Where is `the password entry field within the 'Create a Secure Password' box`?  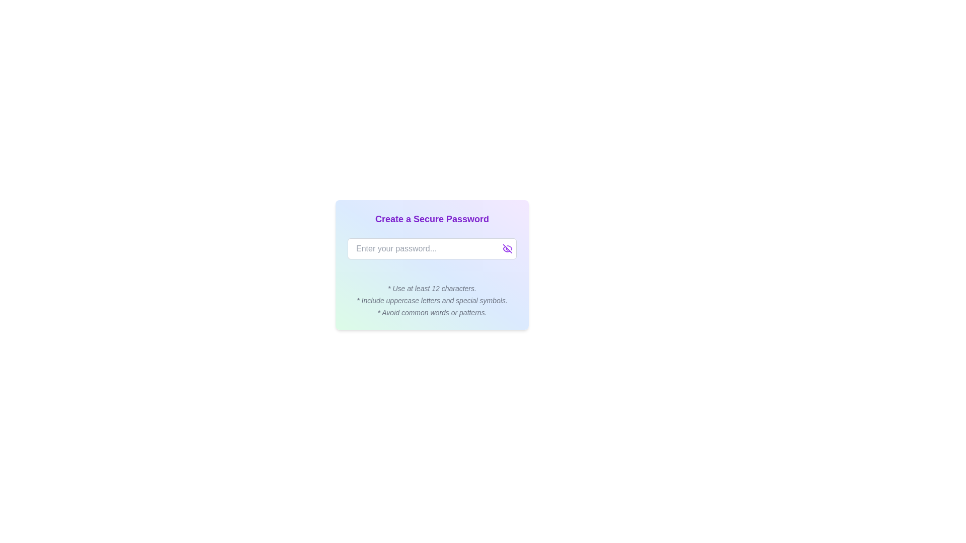 the password entry field within the 'Create a Secure Password' box is located at coordinates (432, 248).